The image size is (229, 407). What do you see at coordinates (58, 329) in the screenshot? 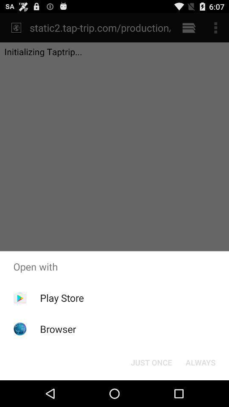
I see `item below the play store` at bounding box center [58, 329].